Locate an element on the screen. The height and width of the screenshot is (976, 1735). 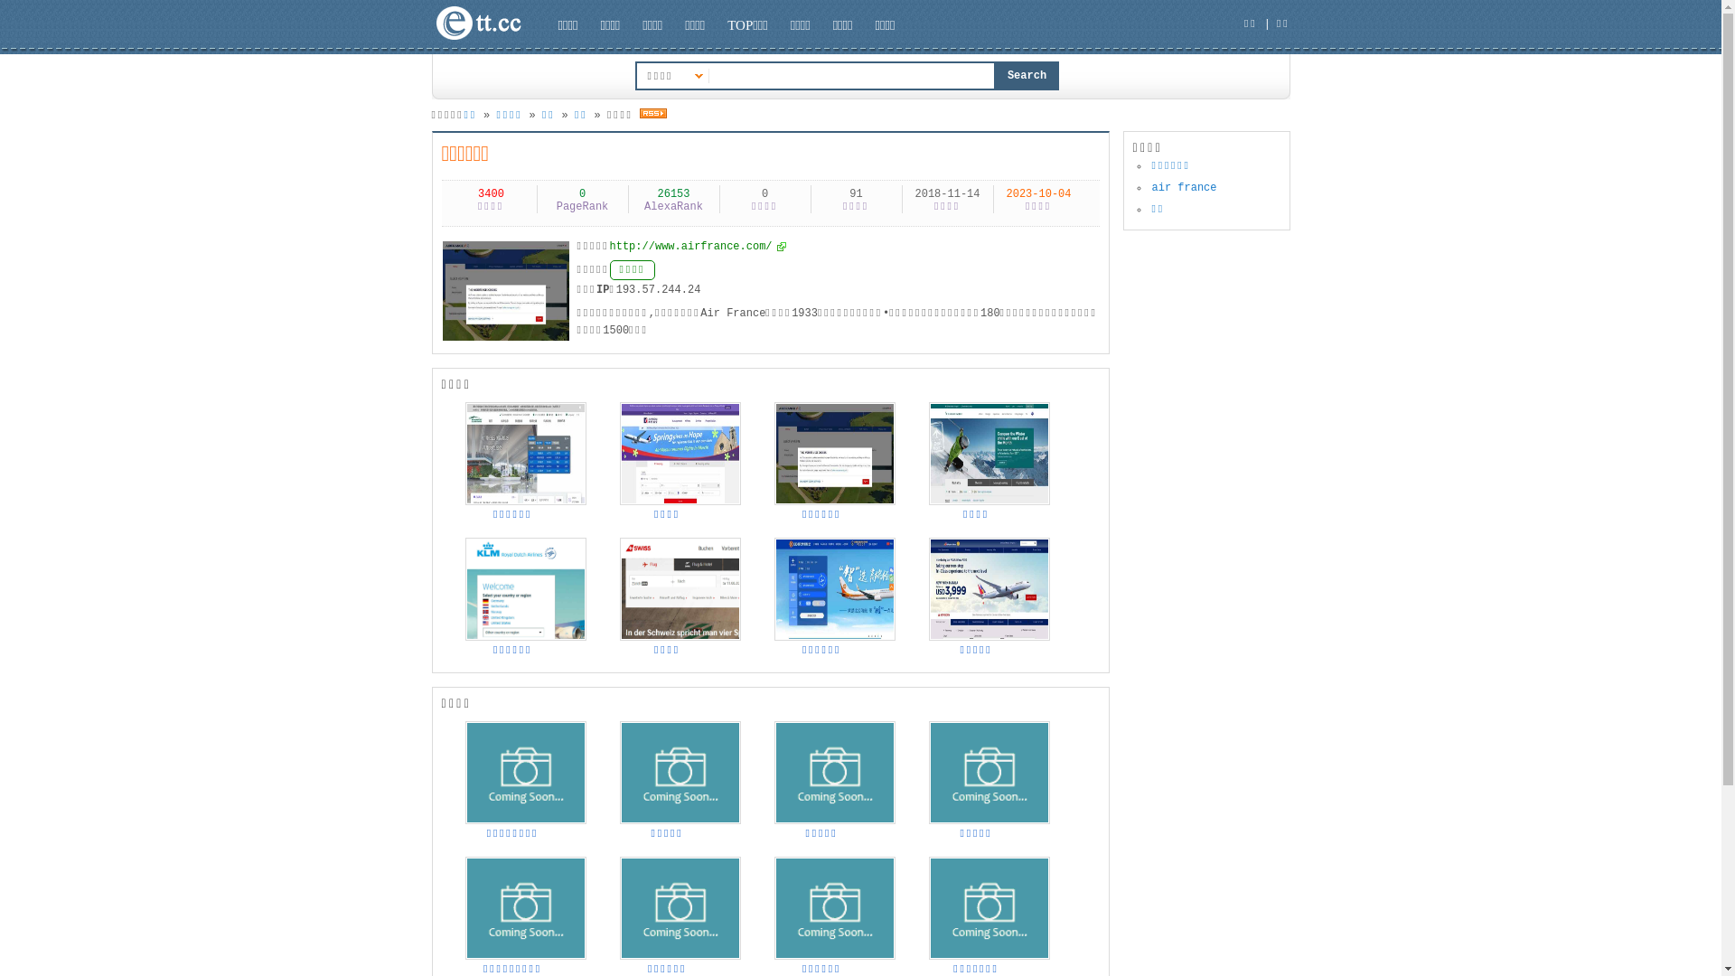
'Search' is located at coordinates (1027, 75).